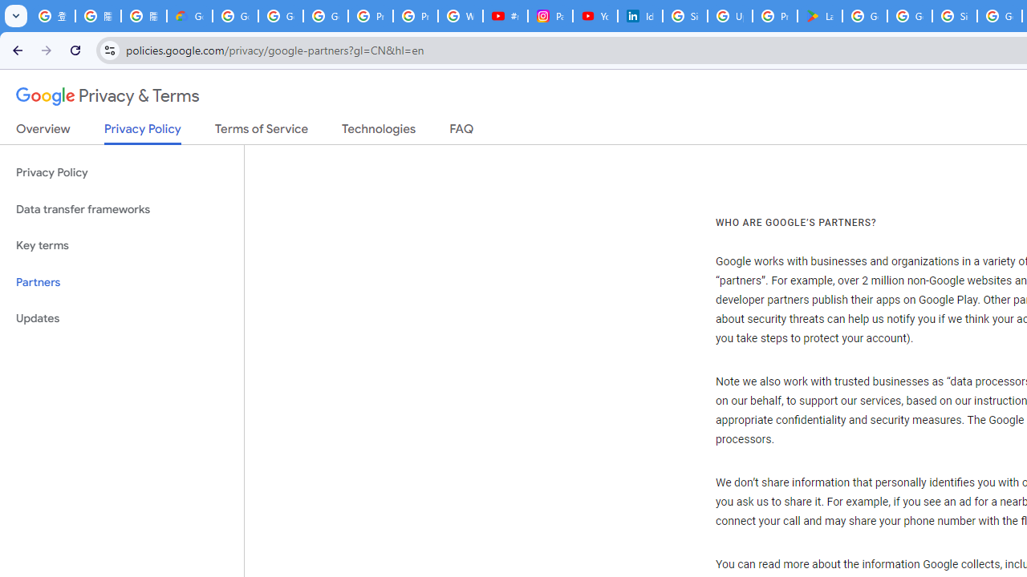 This screenshot has height=577, width=1027. I want to click on 'Overview', so click(43, 131).